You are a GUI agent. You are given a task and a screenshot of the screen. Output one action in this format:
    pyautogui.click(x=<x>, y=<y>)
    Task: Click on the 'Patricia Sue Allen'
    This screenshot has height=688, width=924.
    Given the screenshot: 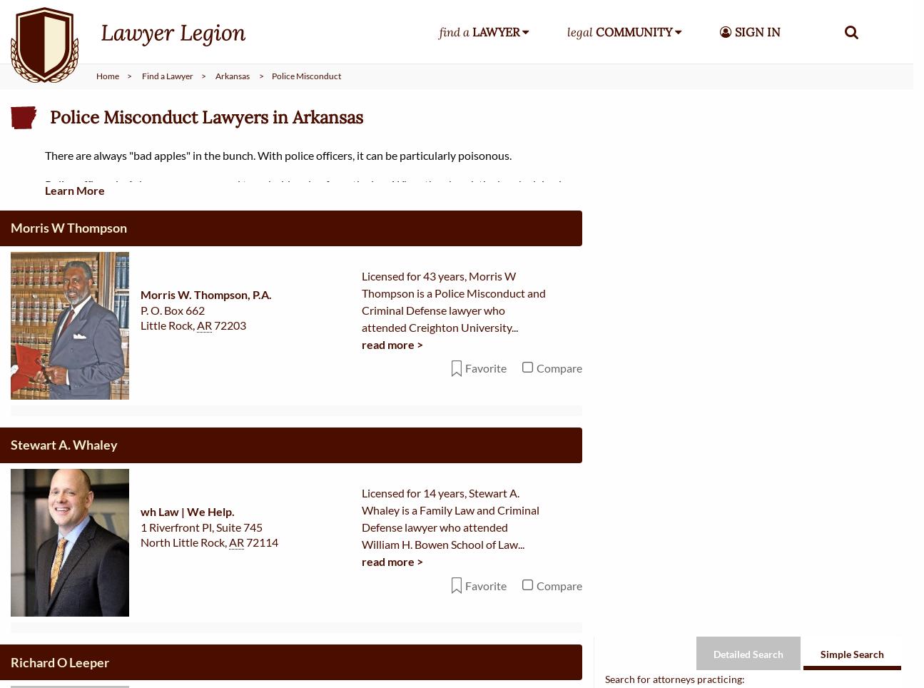 What is the action you would take?
    pyautogui.click(x=60, y=611)
    